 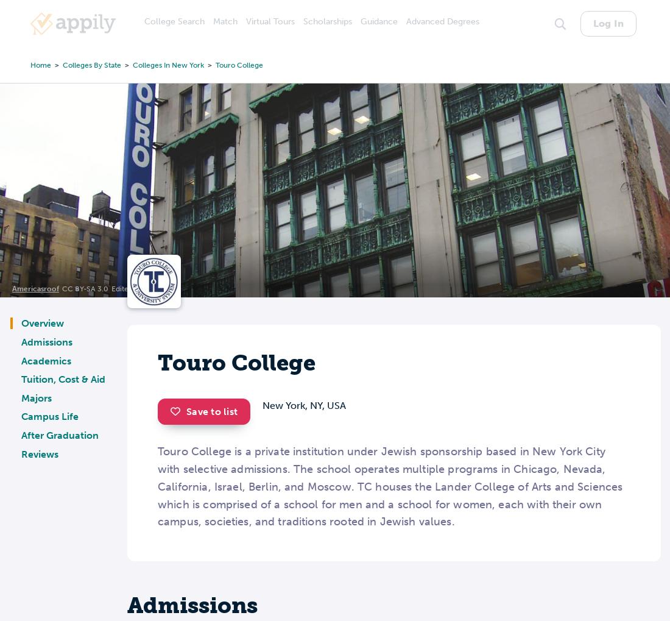 What do you see at coordinates (225, 21) in the screenshot?
I see `'Match'` at bounding box center [225, 21].